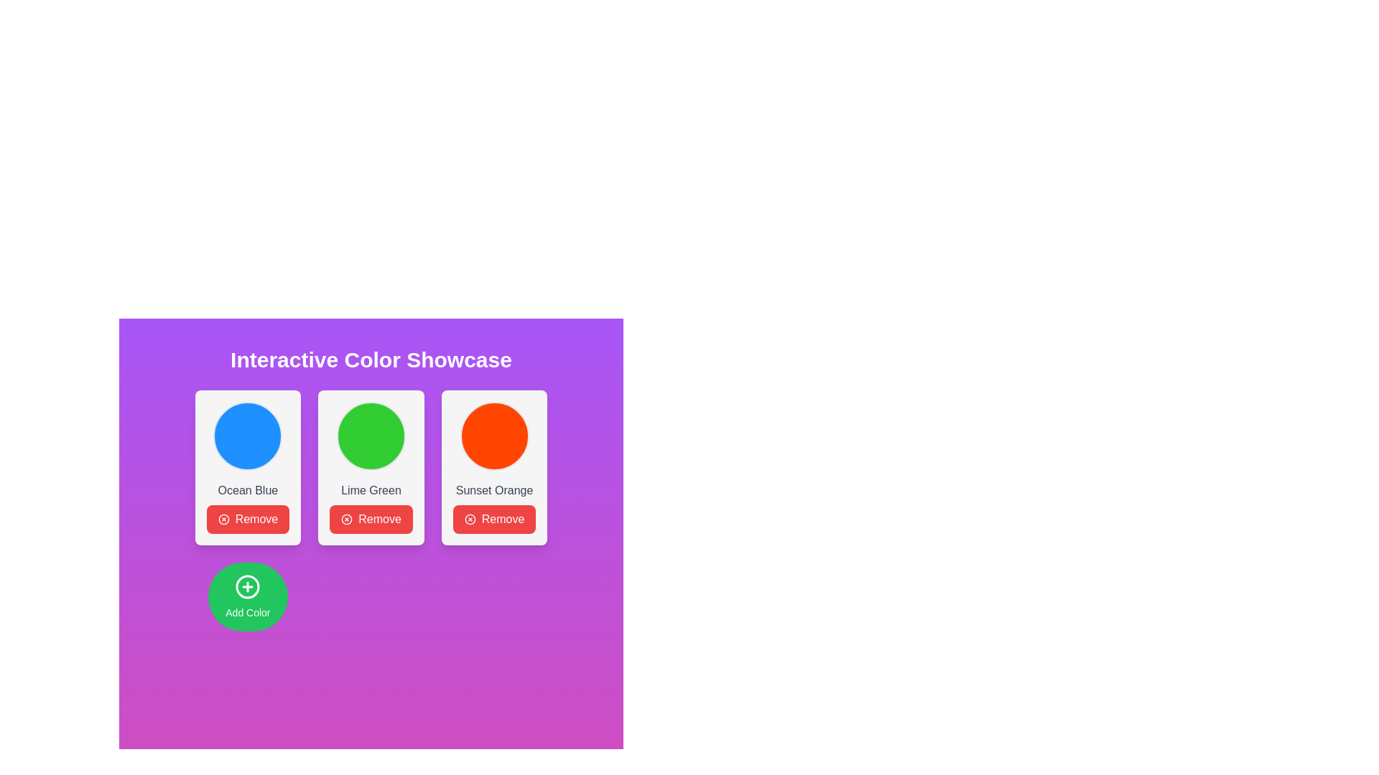 This screenshot has height=775, width=1379. What do you see at coordinates (494, 489) in the screenshot?
I see `the text label displaying 'Sunset Orange', which is located in the middle of a card, below a circular design and above a 'Remove' button` at bounding box center [494, 489].